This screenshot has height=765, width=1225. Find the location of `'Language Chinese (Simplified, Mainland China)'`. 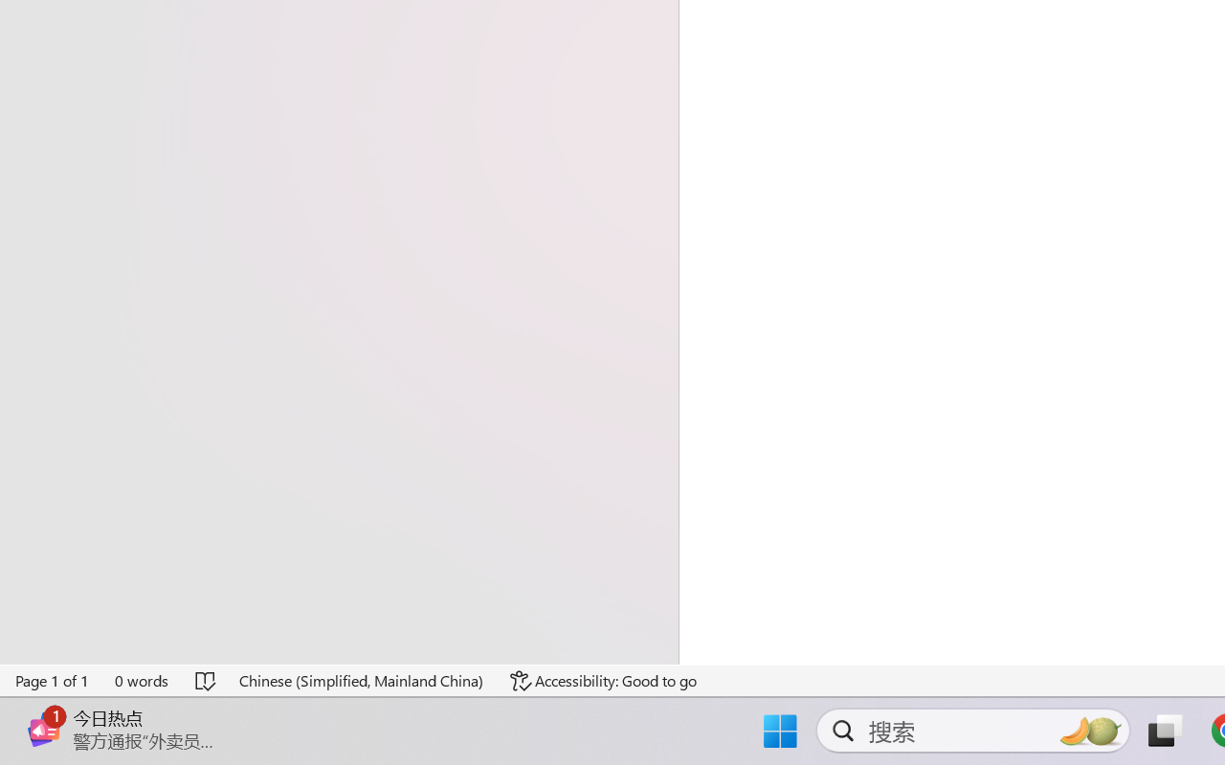

'Language Chinese (Simplified, Mainland China)' is located at coordinates (362, 680).